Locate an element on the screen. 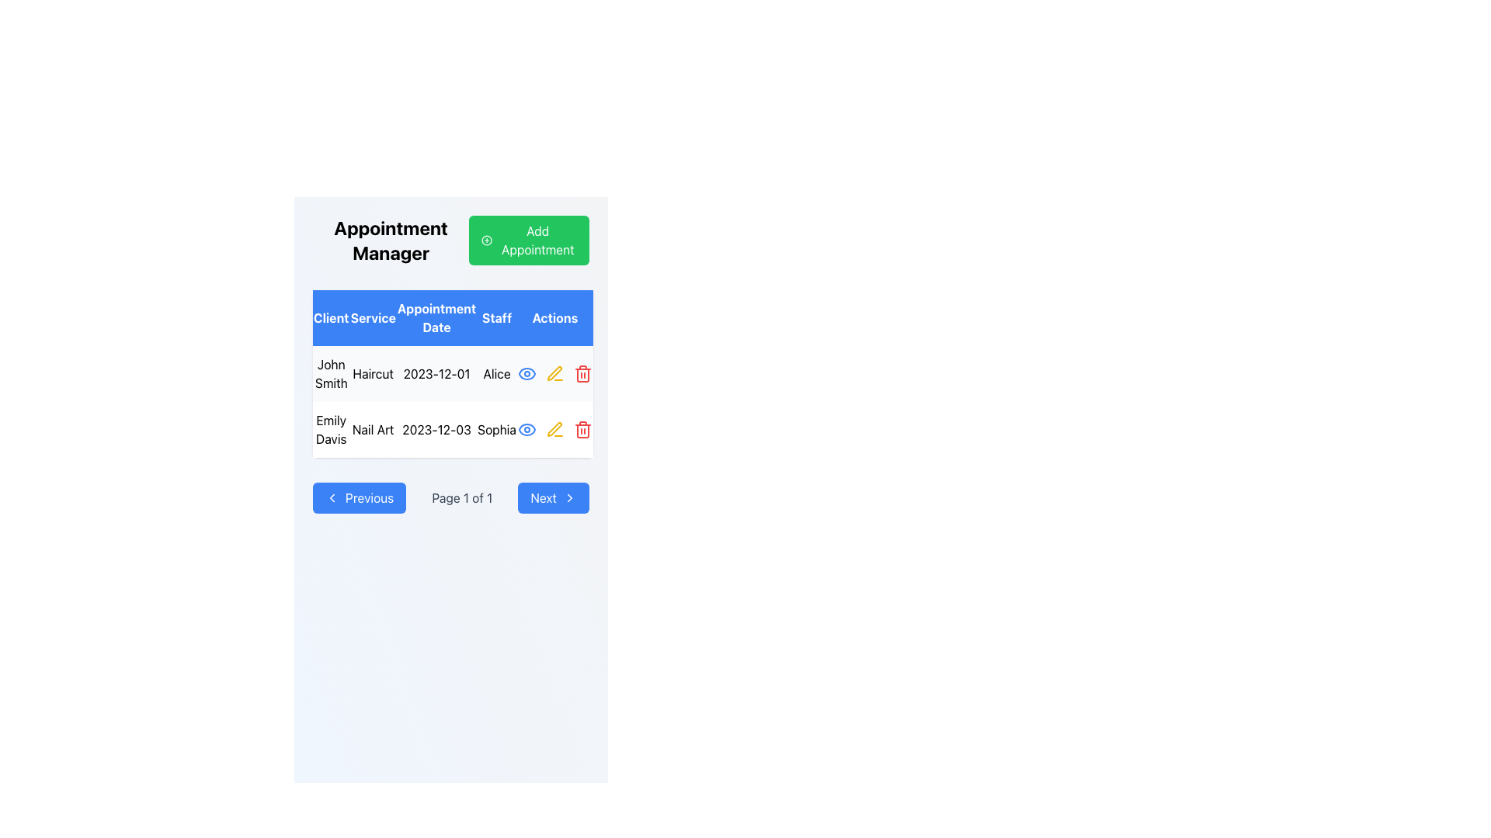 The height and width of the screenshot is (838, 1491). the Text Display element that shows the client name 'John Smith', located in the topmost row under the 'Client Service' column, at the leftmost position is located at coordinates (330, 374).